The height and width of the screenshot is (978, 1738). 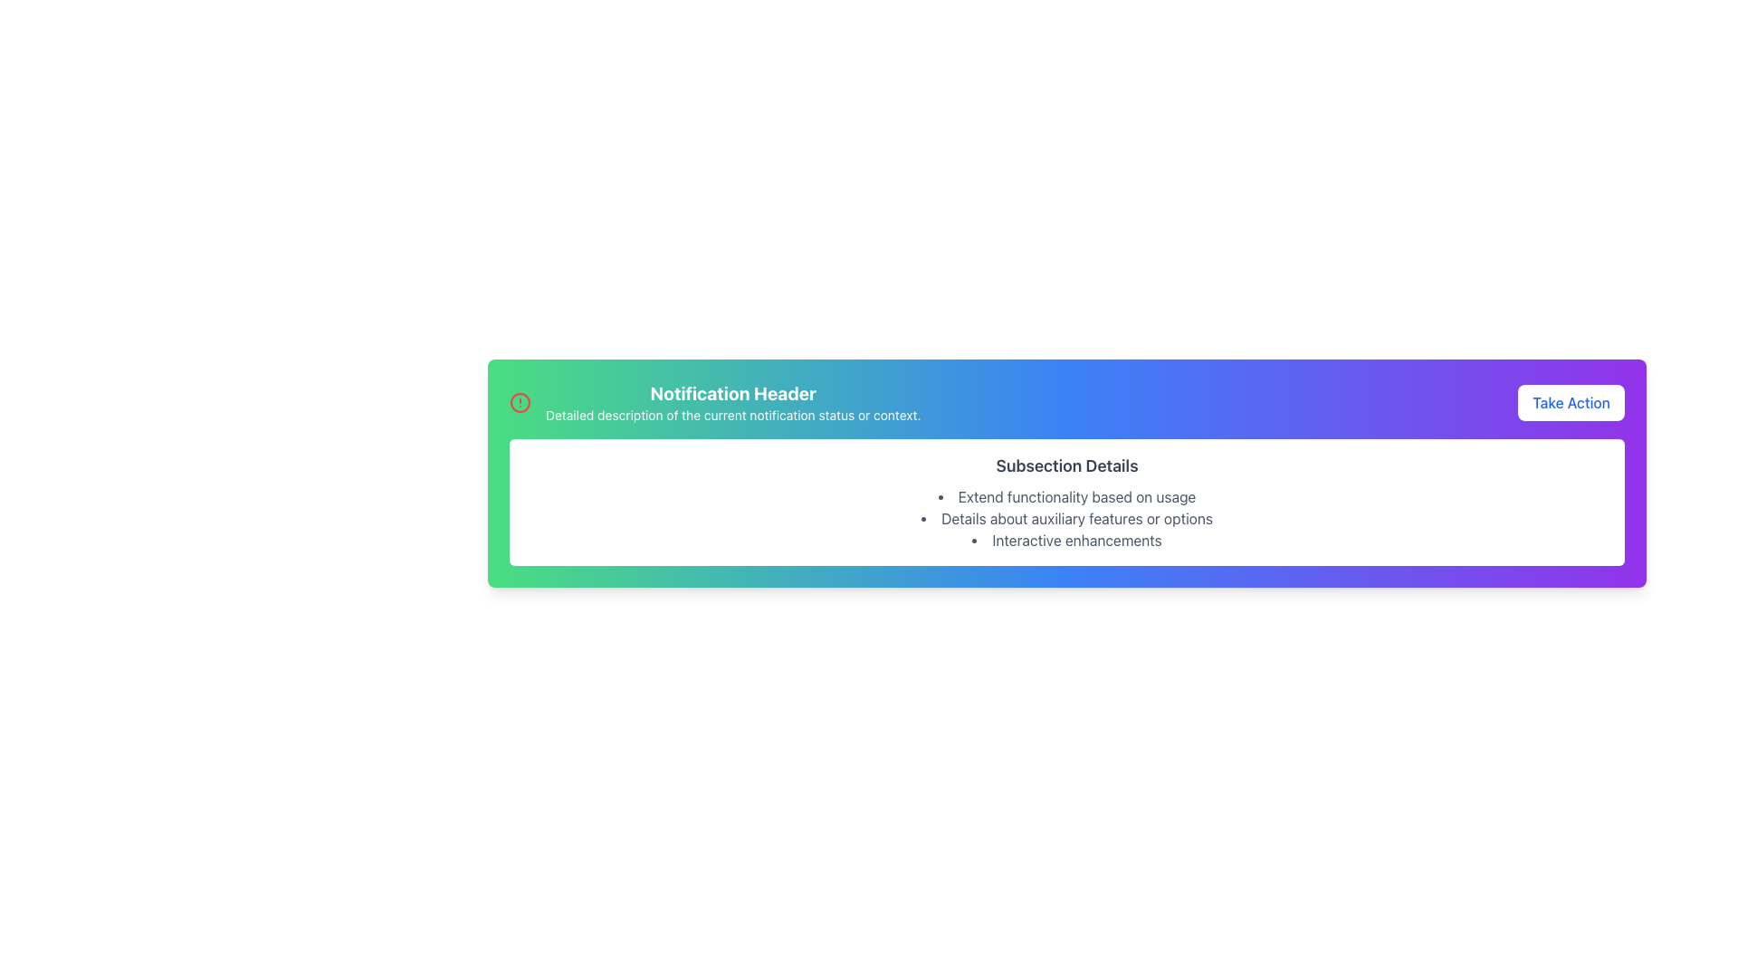 What do you see at coordinates (1571, 401) in the screenshot?
I see `the notification action button located at the far right side of the horizontal layout` at bounding box center [1571, 401].